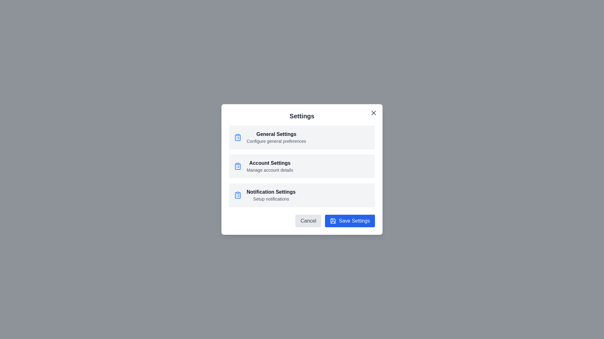 This screenshot has width=604, height=339. What do you see at coordinates (308, 221) in the screenshot?
I see `the 'Cancel' button` at bounding box center [308, 221].